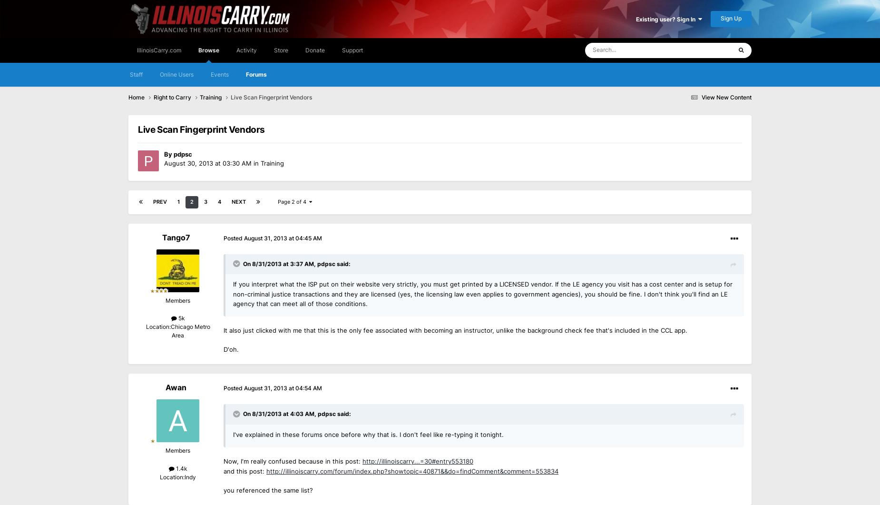 The height and width of the screenshot is (505, 880). I want to click on 'you referenced the same list?', so click(268, 489).